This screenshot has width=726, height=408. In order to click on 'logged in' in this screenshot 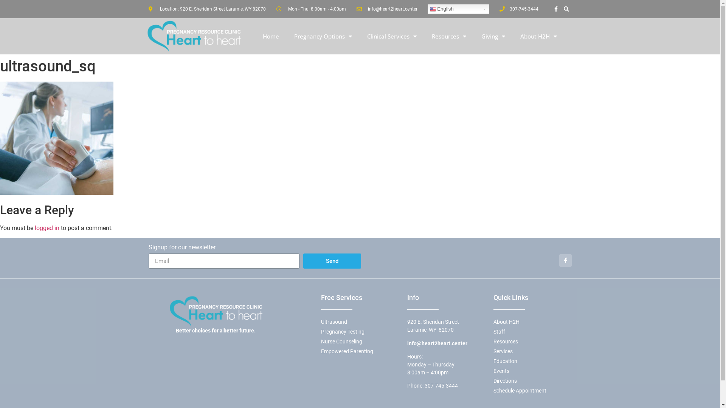, I will do `click(47, 227)`.